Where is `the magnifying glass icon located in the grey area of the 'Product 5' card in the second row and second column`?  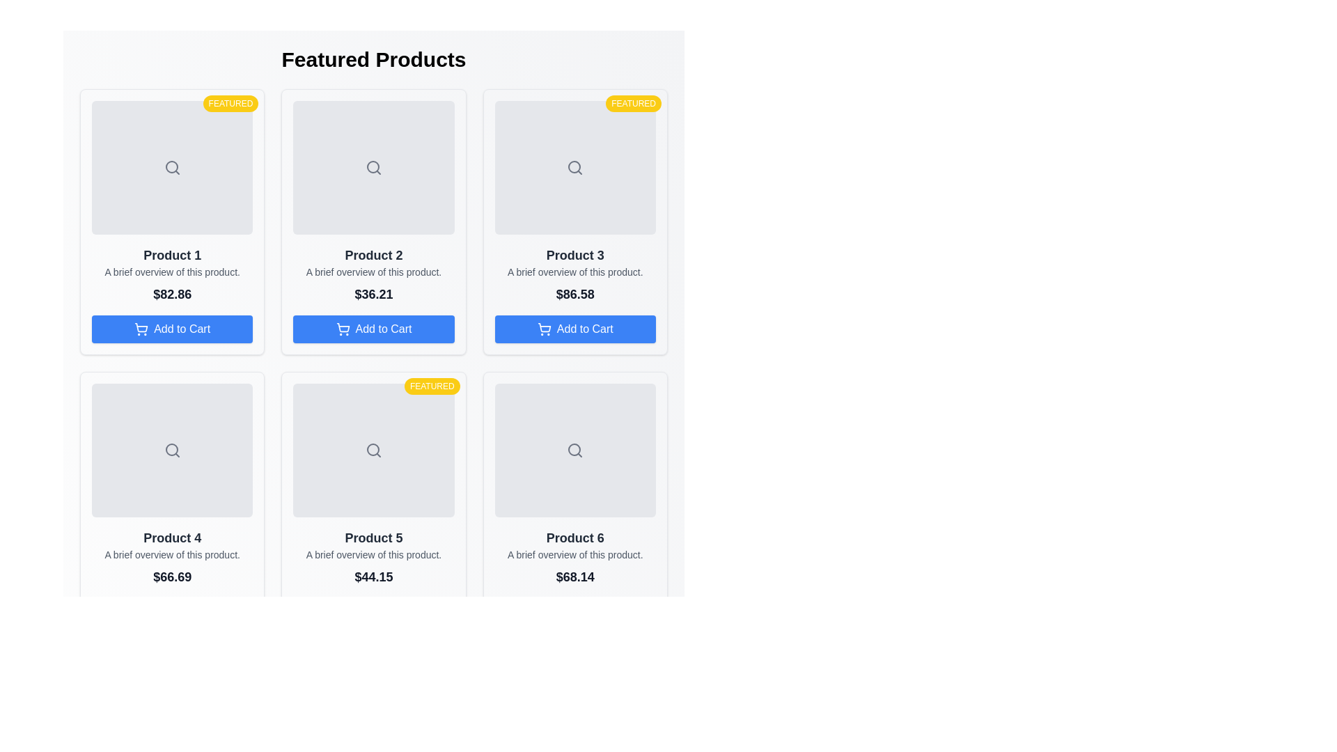 the magnifying glass icon located in the grey area of the 'Product 5' card in the second row and second column is located at coordinates (374, 451).